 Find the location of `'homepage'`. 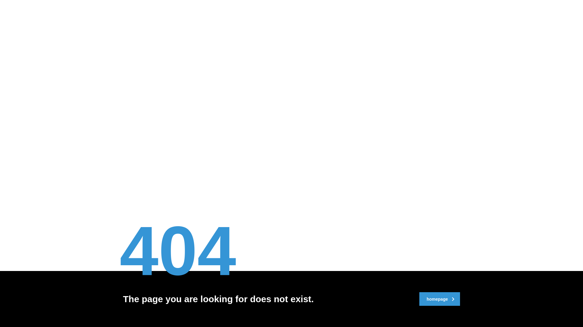

'homepage' is located at coordinates (440, 299).